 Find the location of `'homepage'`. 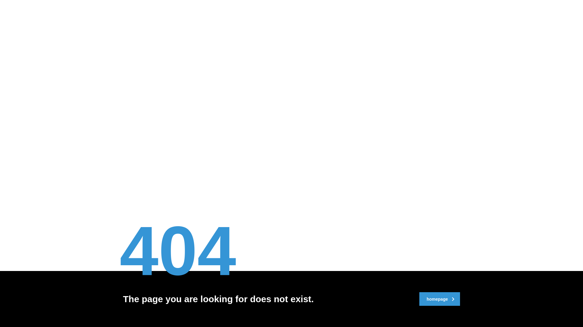

'homepage' is located at coordinates (440, 299).